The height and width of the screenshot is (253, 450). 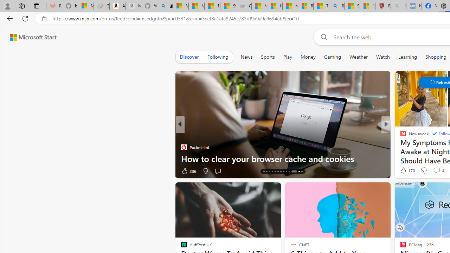 What do you see at coordinates (352, 6) in the screenshot?
I see `'Science - MSN'` at bounding box center [352, 6].